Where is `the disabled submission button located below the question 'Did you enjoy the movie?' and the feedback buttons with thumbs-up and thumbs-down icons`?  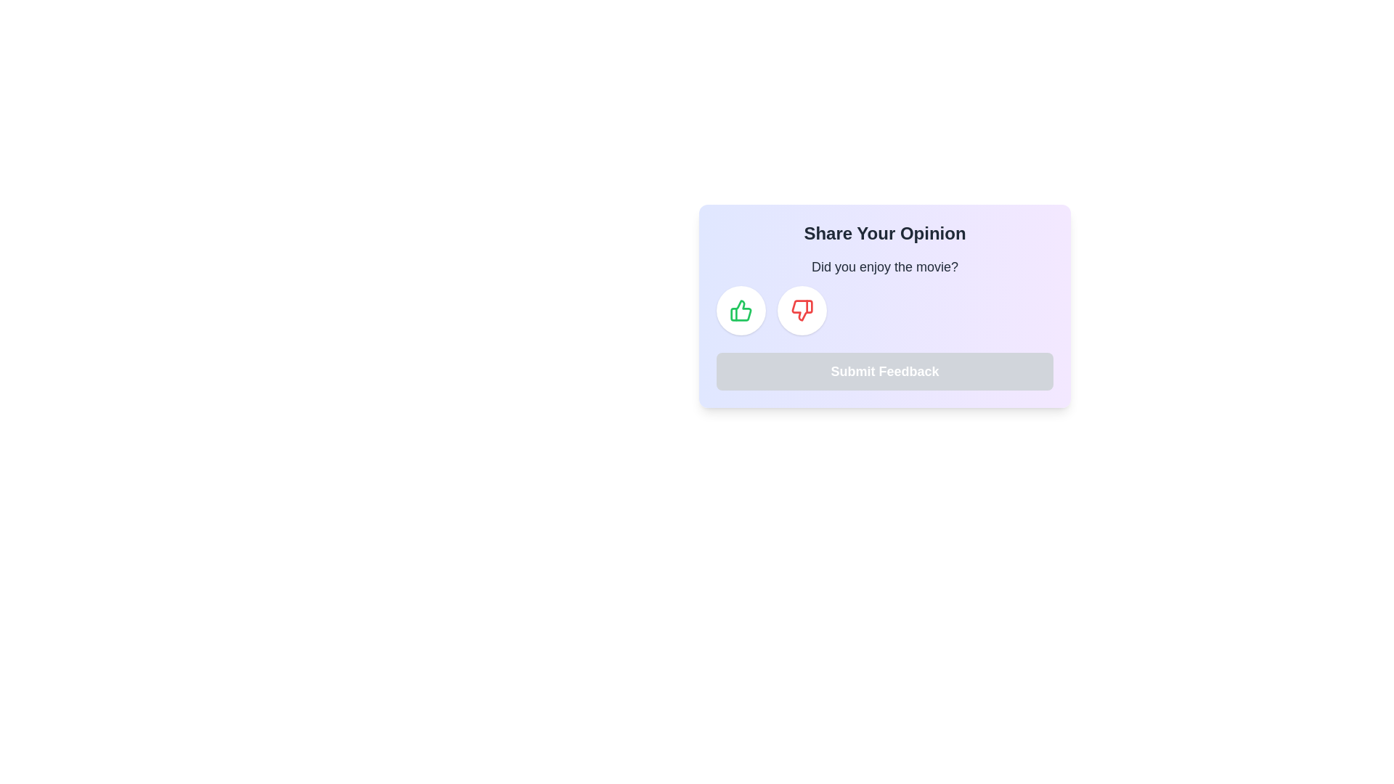 the disabled submission button located below the question 'Did you enjoy the movie?' and the feedback buttons with thumbs-up and thumbs-down icons is located at coordinates (884, 371).